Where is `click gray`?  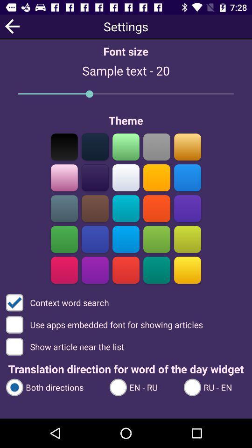 click gray is located at coordinates (156, 147).